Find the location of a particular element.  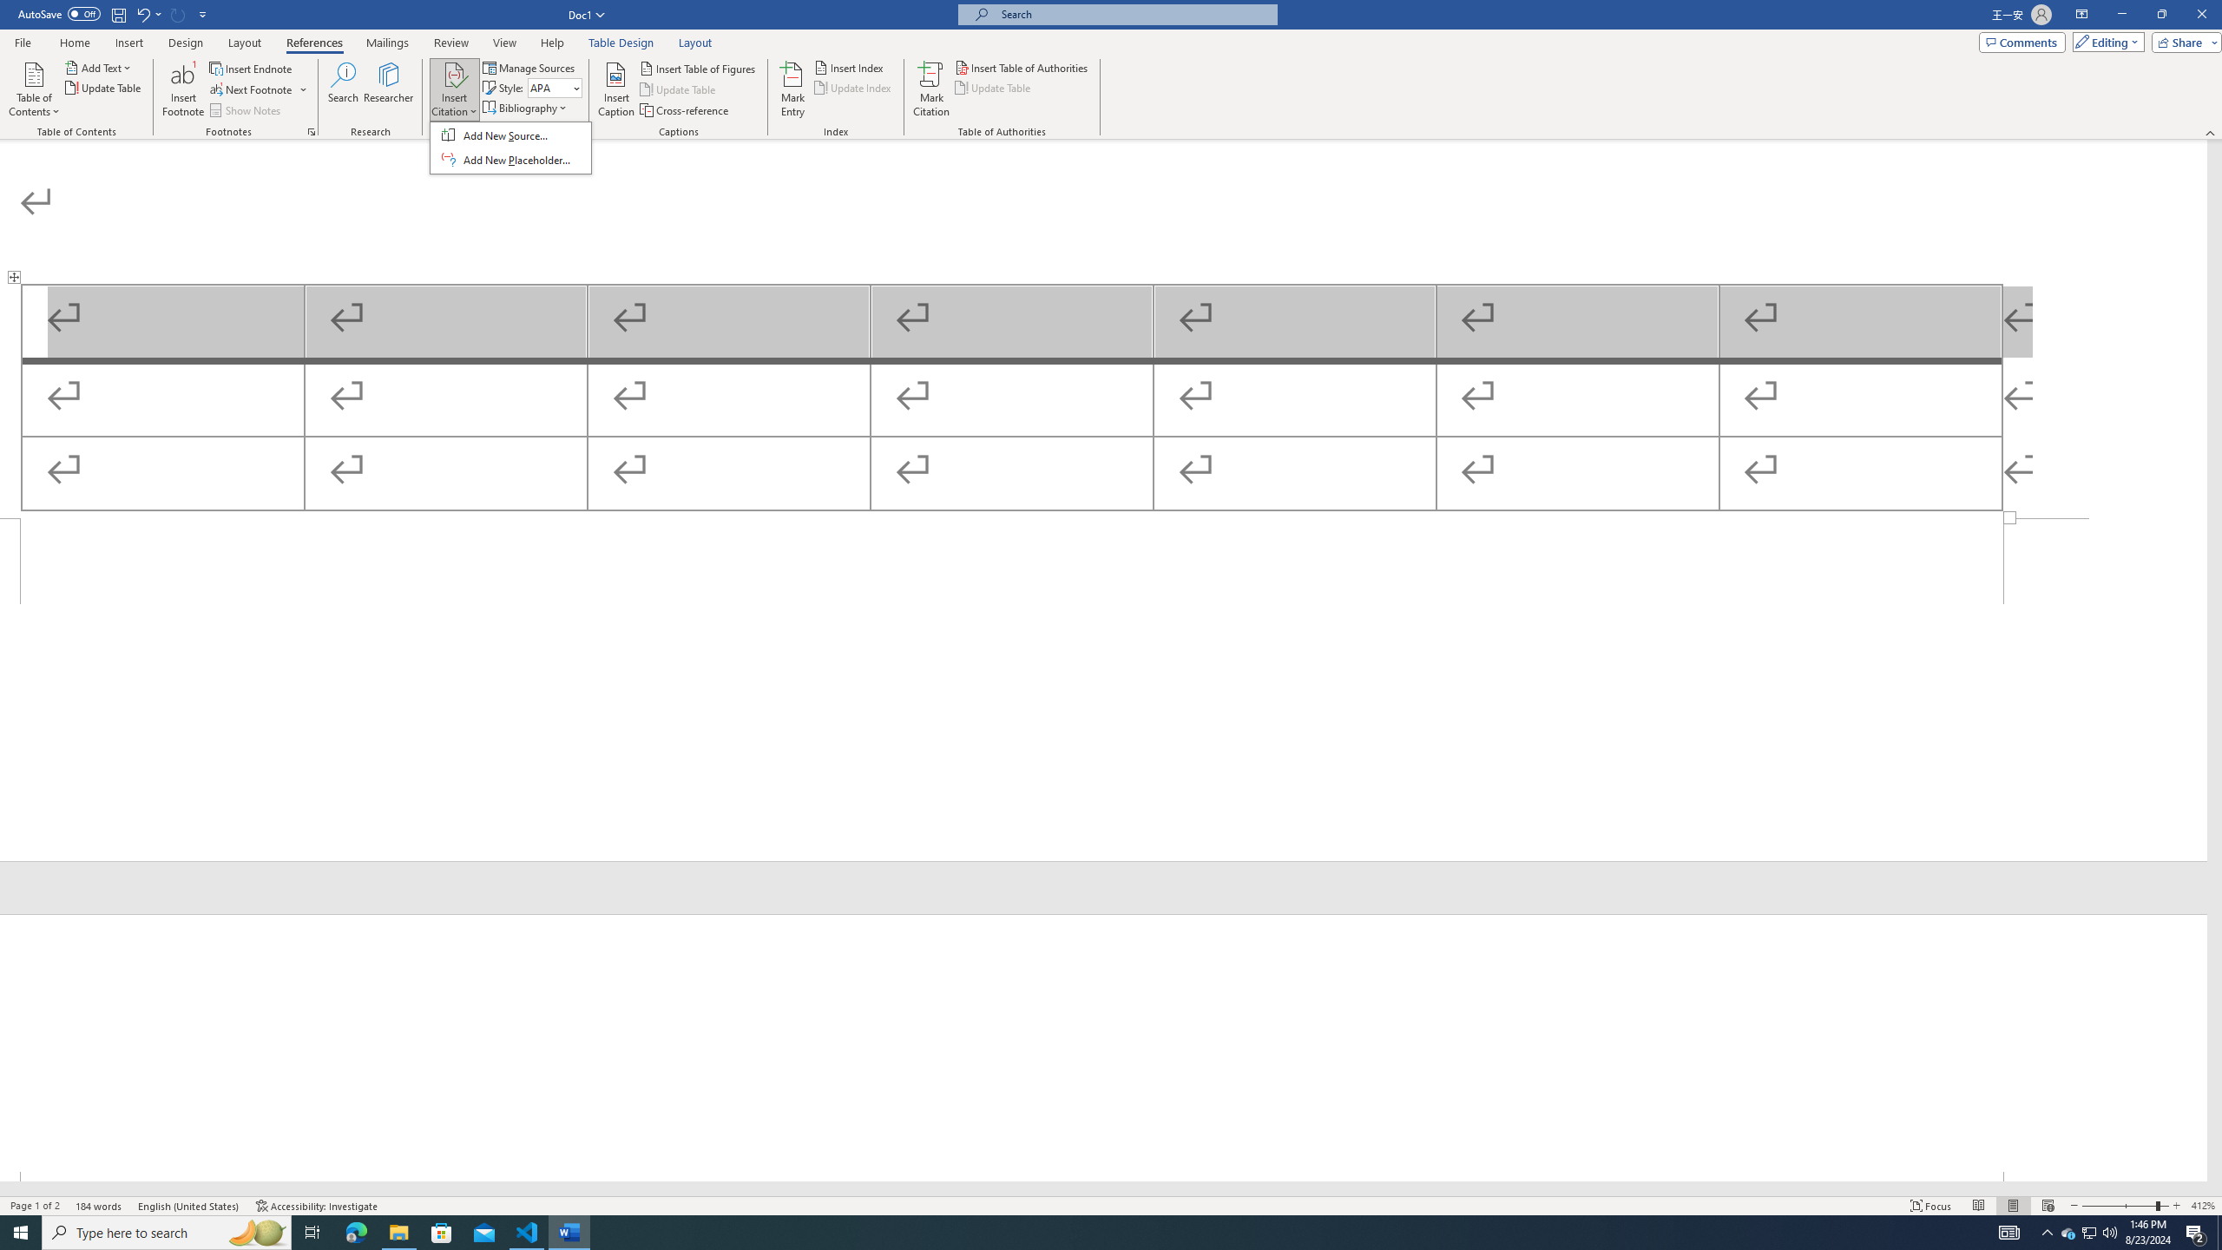

'Next Footnote' is located at coordinates (258, 89).